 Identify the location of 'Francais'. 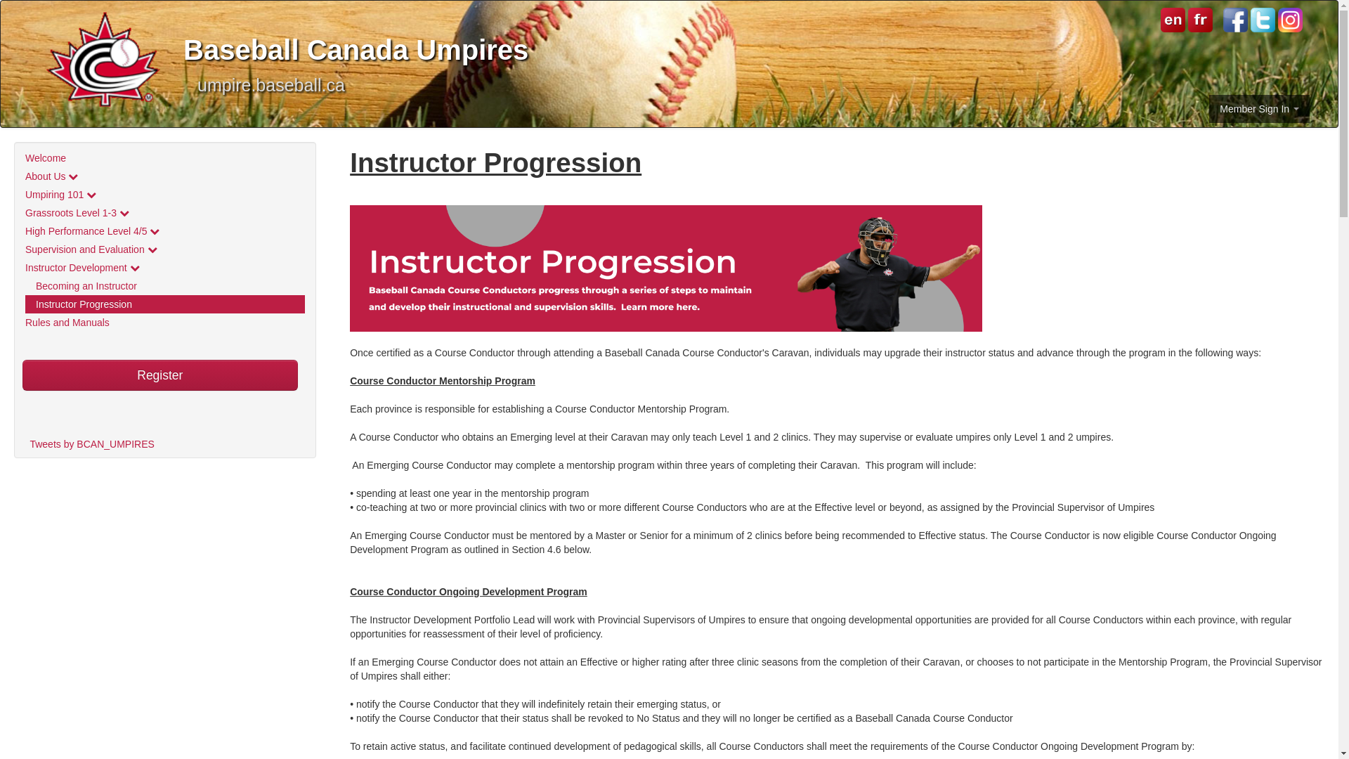
(1198, 19).